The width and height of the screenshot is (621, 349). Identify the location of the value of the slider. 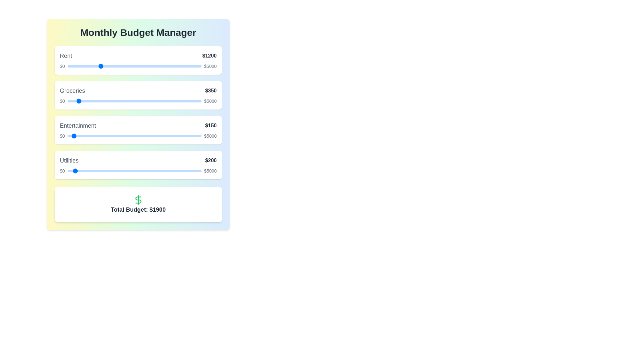
(147, 135).